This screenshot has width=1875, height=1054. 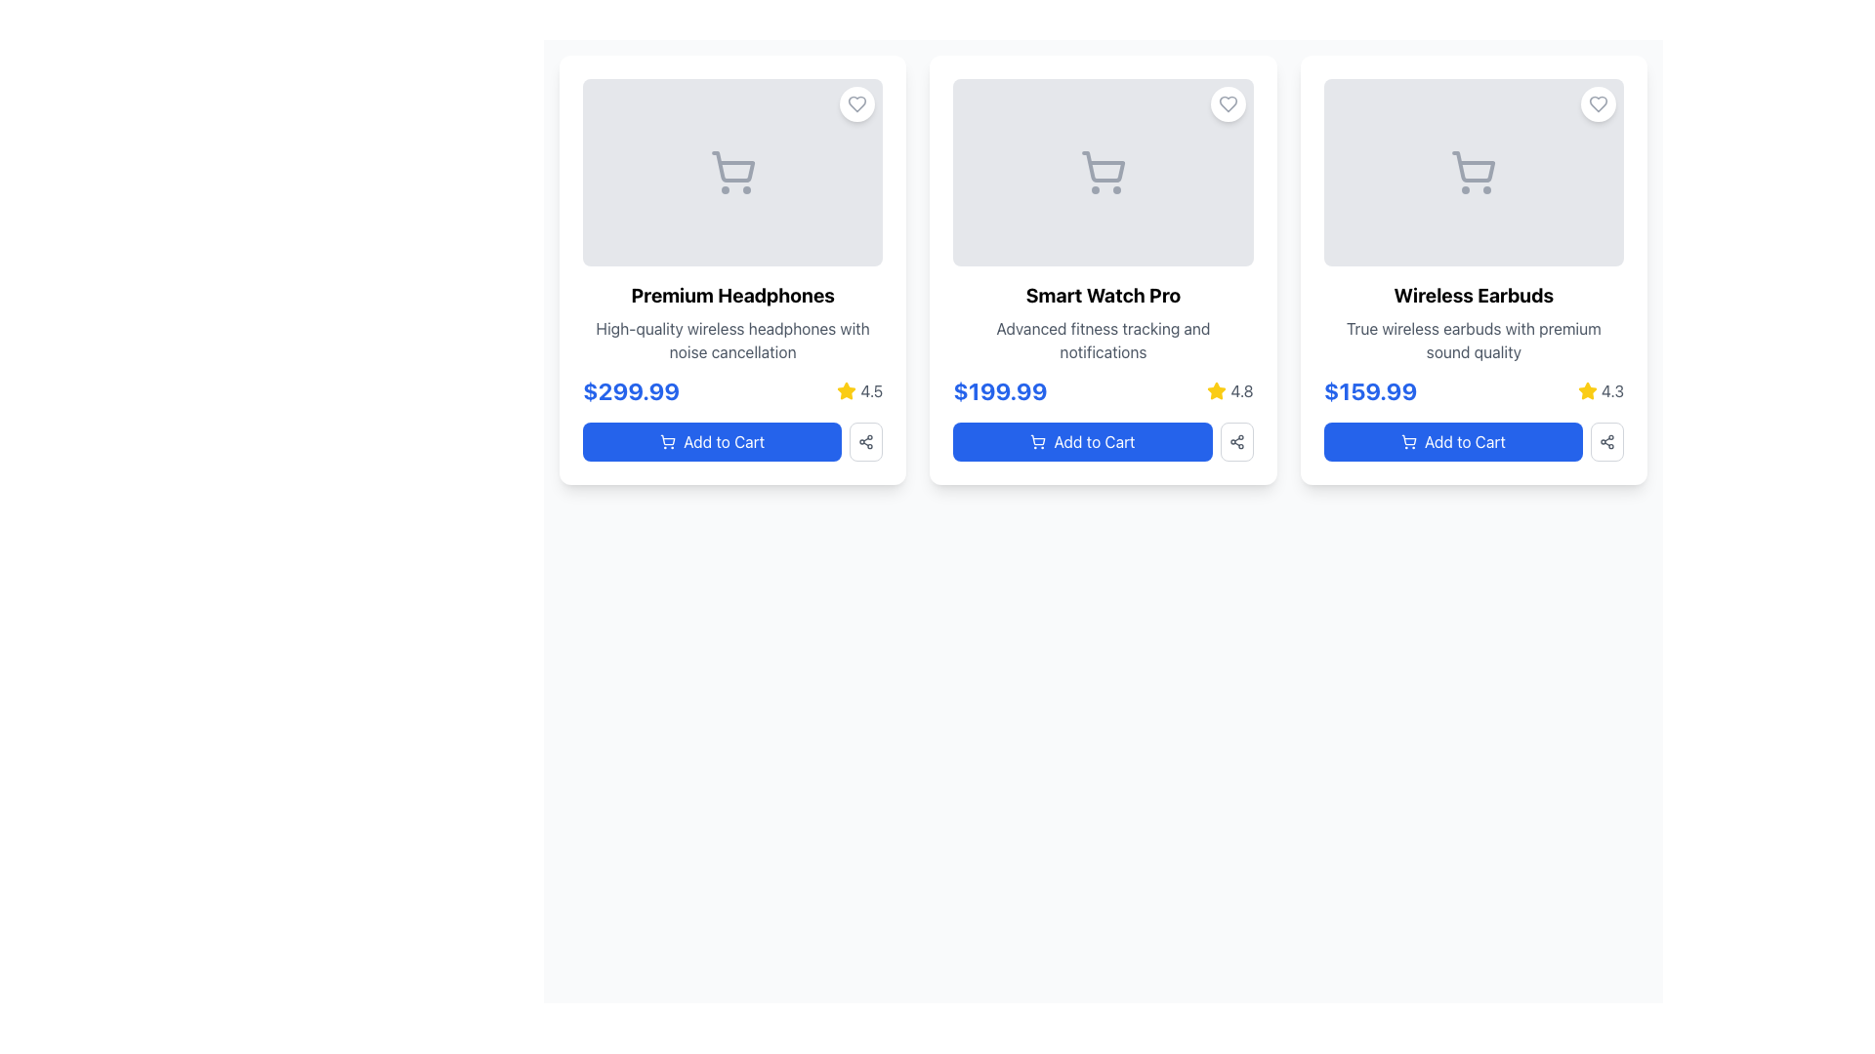 What do you see at coordinates (1408, 441) in the screenshot?
I see `the shopping cart icon located on the left within the 'Add to Cart' button below the 'Wireless Earbuds' product listing, which is part of the third and rightmost product in a horizontal row` at bounding box center [1408, 441].